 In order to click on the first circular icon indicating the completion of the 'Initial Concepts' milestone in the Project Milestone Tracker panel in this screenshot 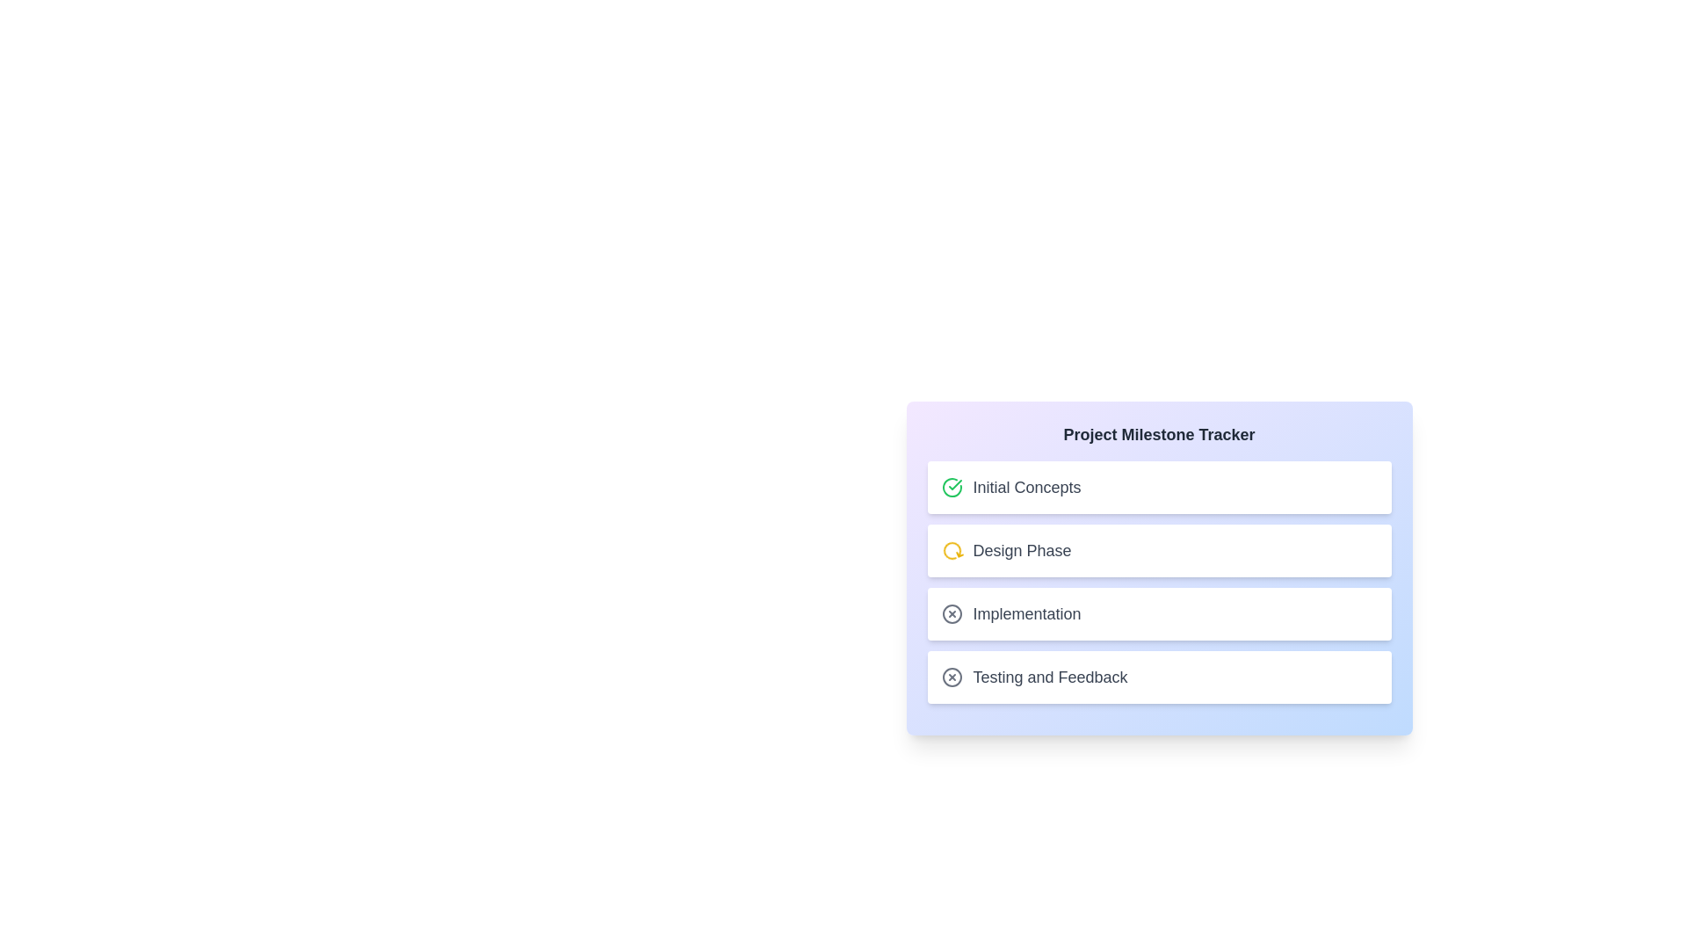, I will do `click(953, 484)`.